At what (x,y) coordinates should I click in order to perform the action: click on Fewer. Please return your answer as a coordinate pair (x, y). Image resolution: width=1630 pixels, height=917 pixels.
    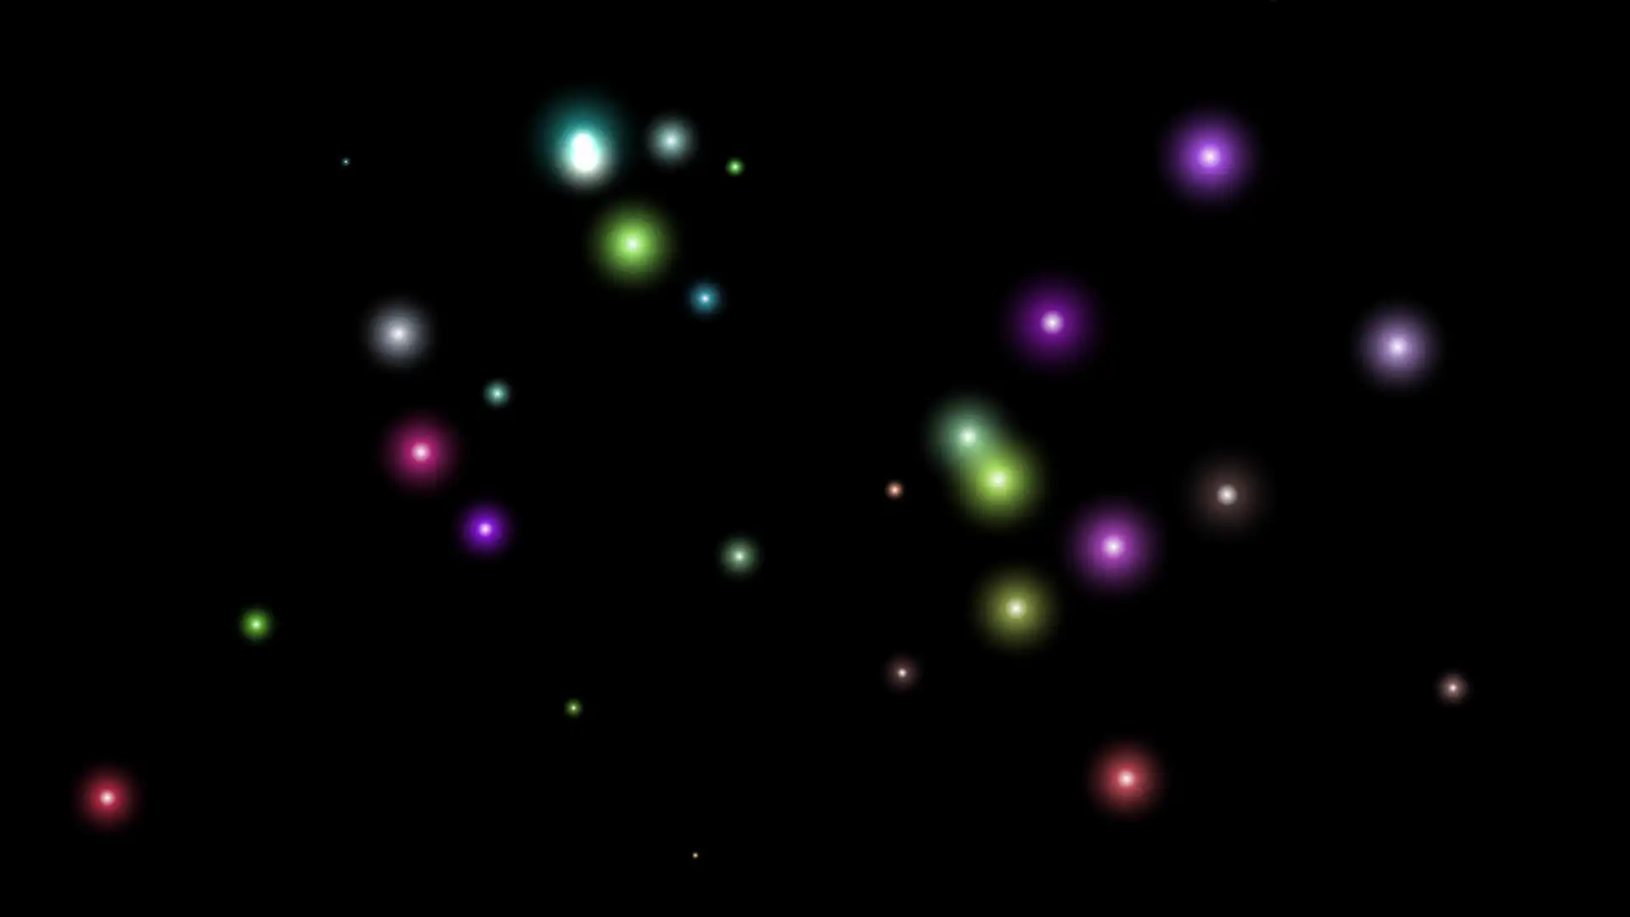
    Looking at the image, I should click on (424, 16).